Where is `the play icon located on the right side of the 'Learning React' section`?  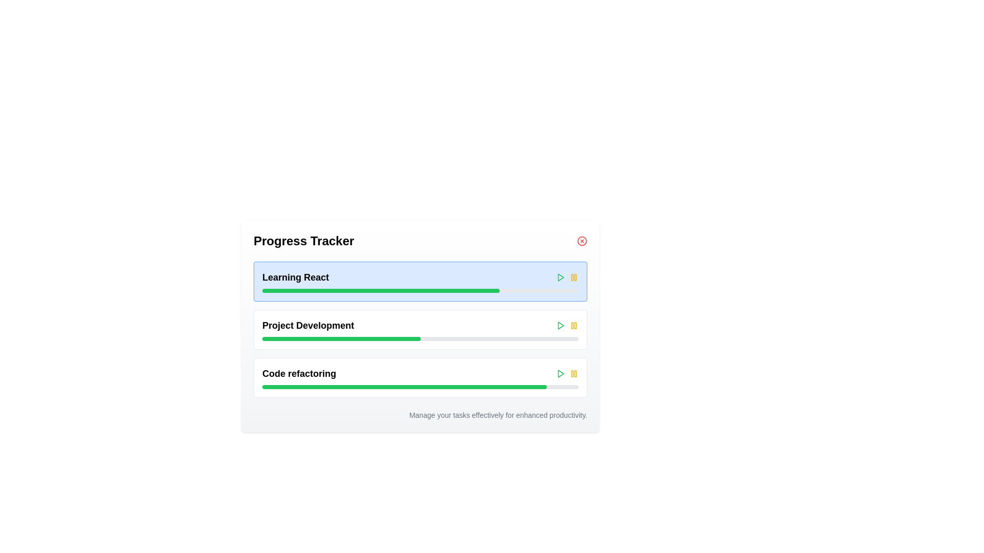 the play icon located on the right side of the 'Learning React' section is located at coordinates (560, 326).